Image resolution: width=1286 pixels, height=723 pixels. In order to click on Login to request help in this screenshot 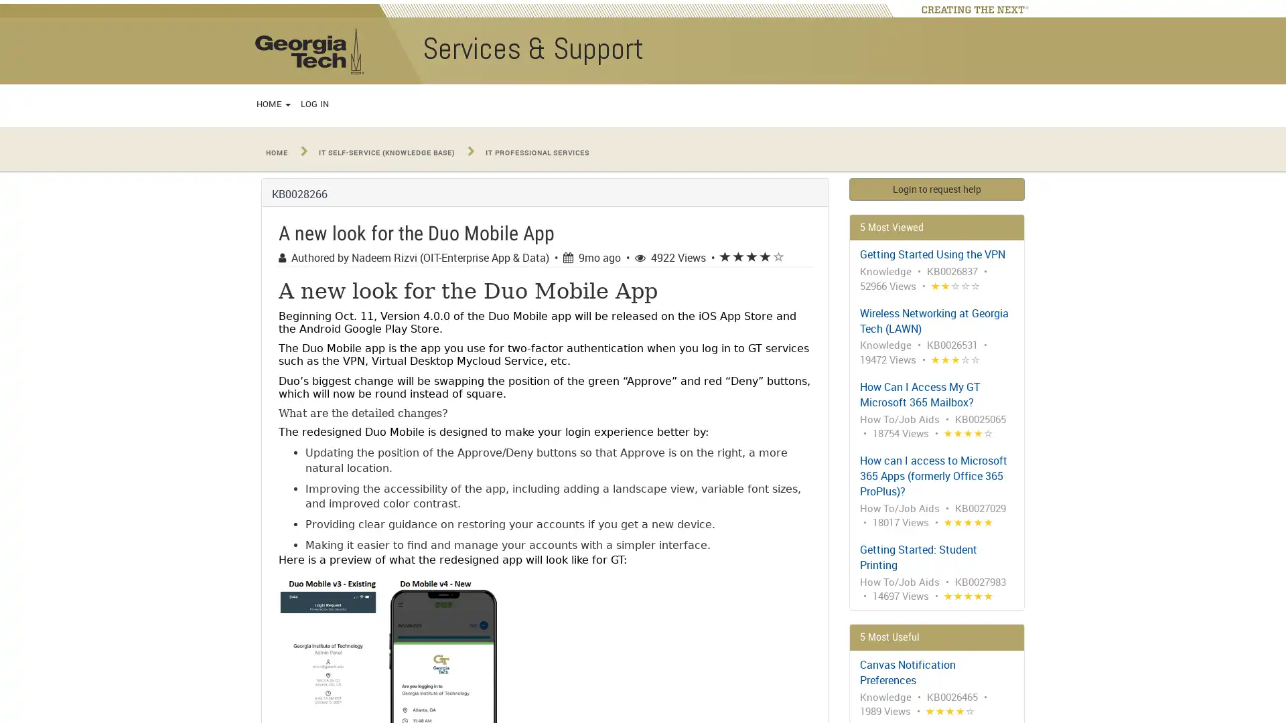, I will do `click(936, 188)`.